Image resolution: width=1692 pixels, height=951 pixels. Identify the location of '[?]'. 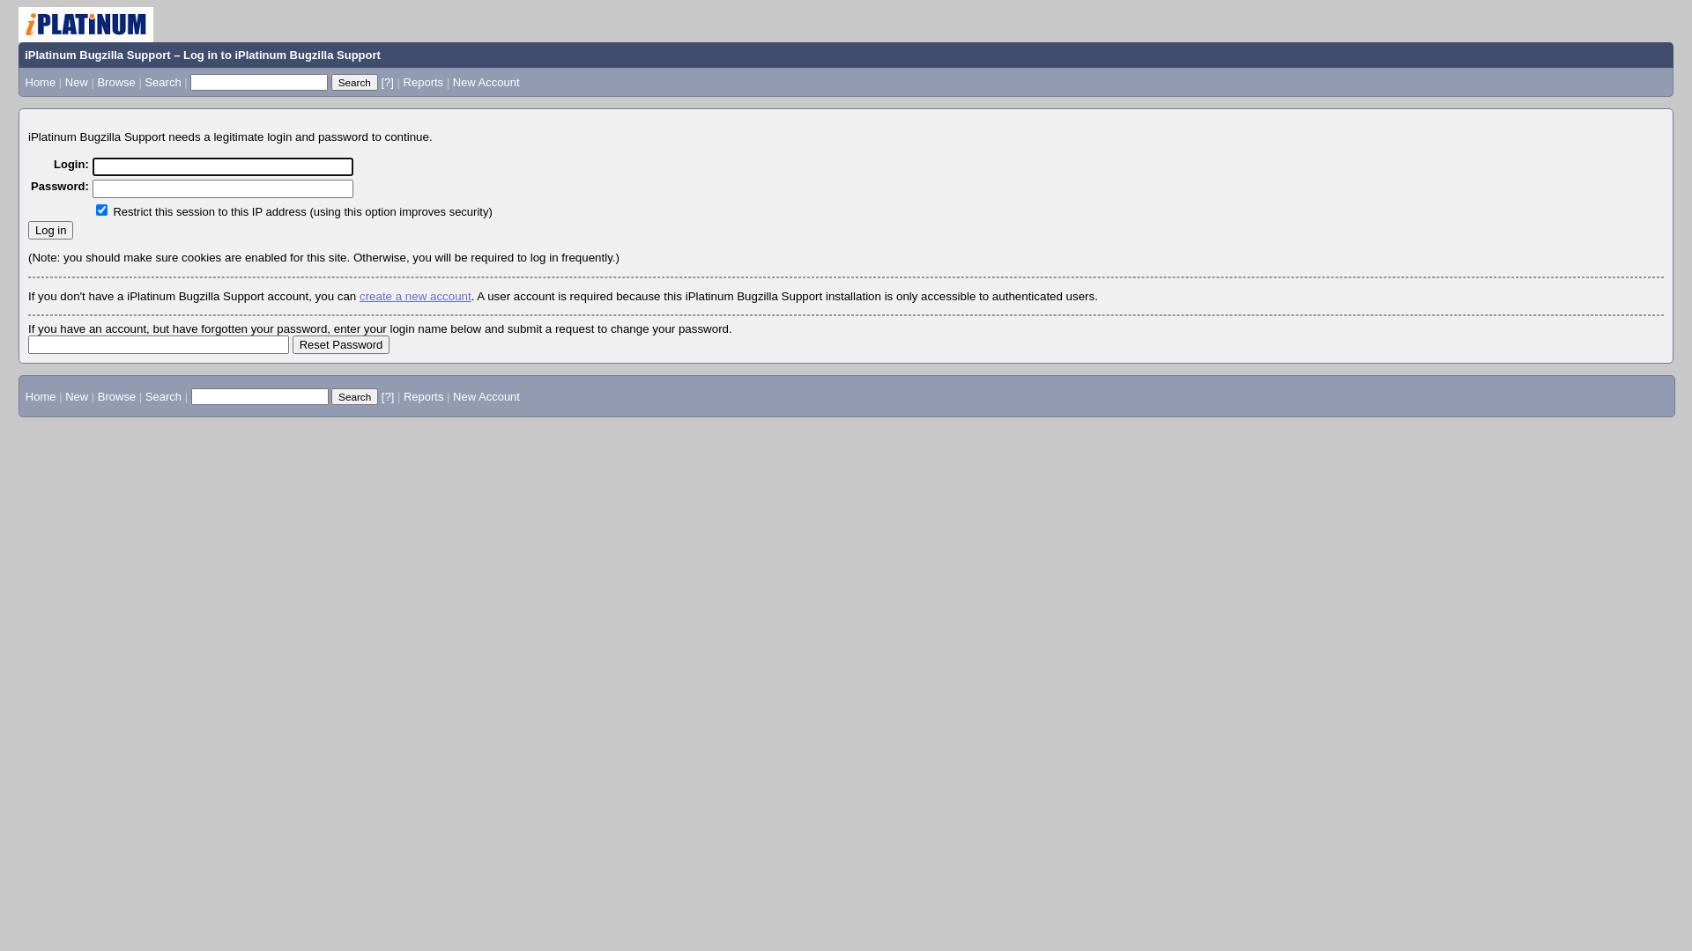
(385, 82).